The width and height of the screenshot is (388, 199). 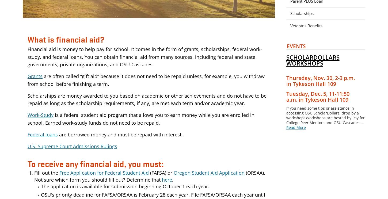 I want to click on 'If you need some tips or assistance in accessing OSU ScholarDollars, drop by a workshop! Workshops are hosted by Pay for College Peer Mentors and OSU-Cascades...', so click(x=325, y=115).